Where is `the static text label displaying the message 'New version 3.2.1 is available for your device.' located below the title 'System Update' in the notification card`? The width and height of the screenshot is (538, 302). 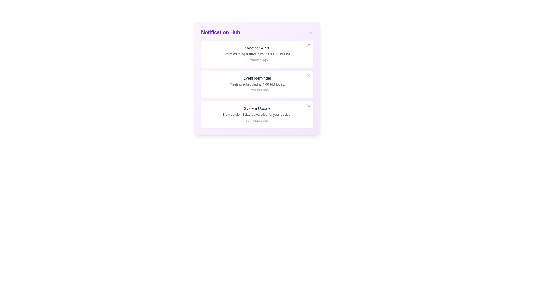 the static text label displaying the message 'New version 3.2.1 is available for your device.' located below the title 'System Update' in the notification card is located at coordinates (257, 114).